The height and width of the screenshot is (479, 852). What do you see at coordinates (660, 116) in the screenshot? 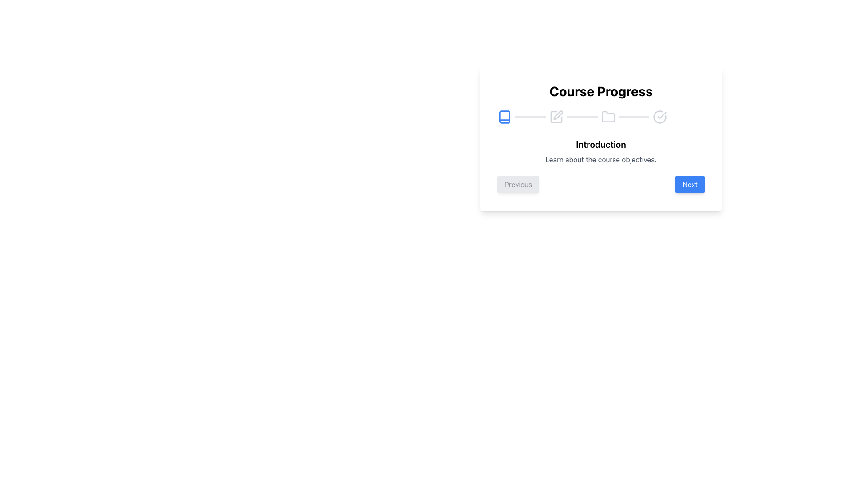
I see `the completion status of the last icon in the progress tracker, which indicates verification of the corresponding step` at bounding box center [660, 116].